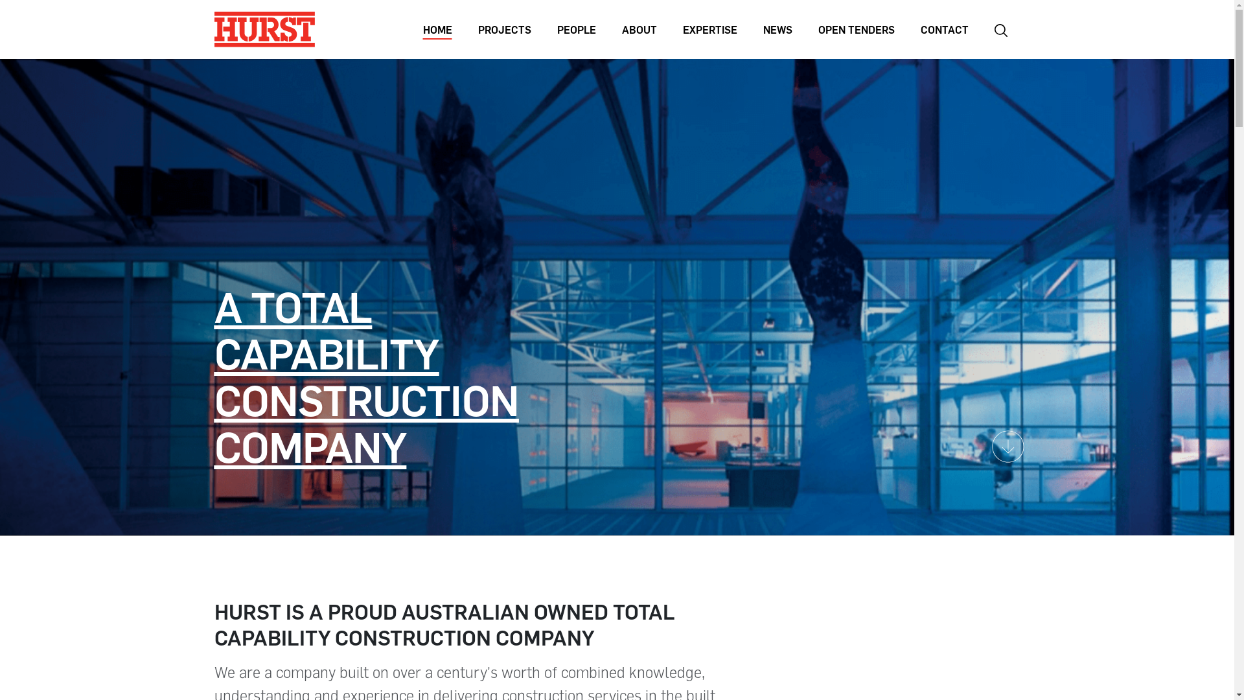  I want to click on 'ABOUT', so click(639, 29).